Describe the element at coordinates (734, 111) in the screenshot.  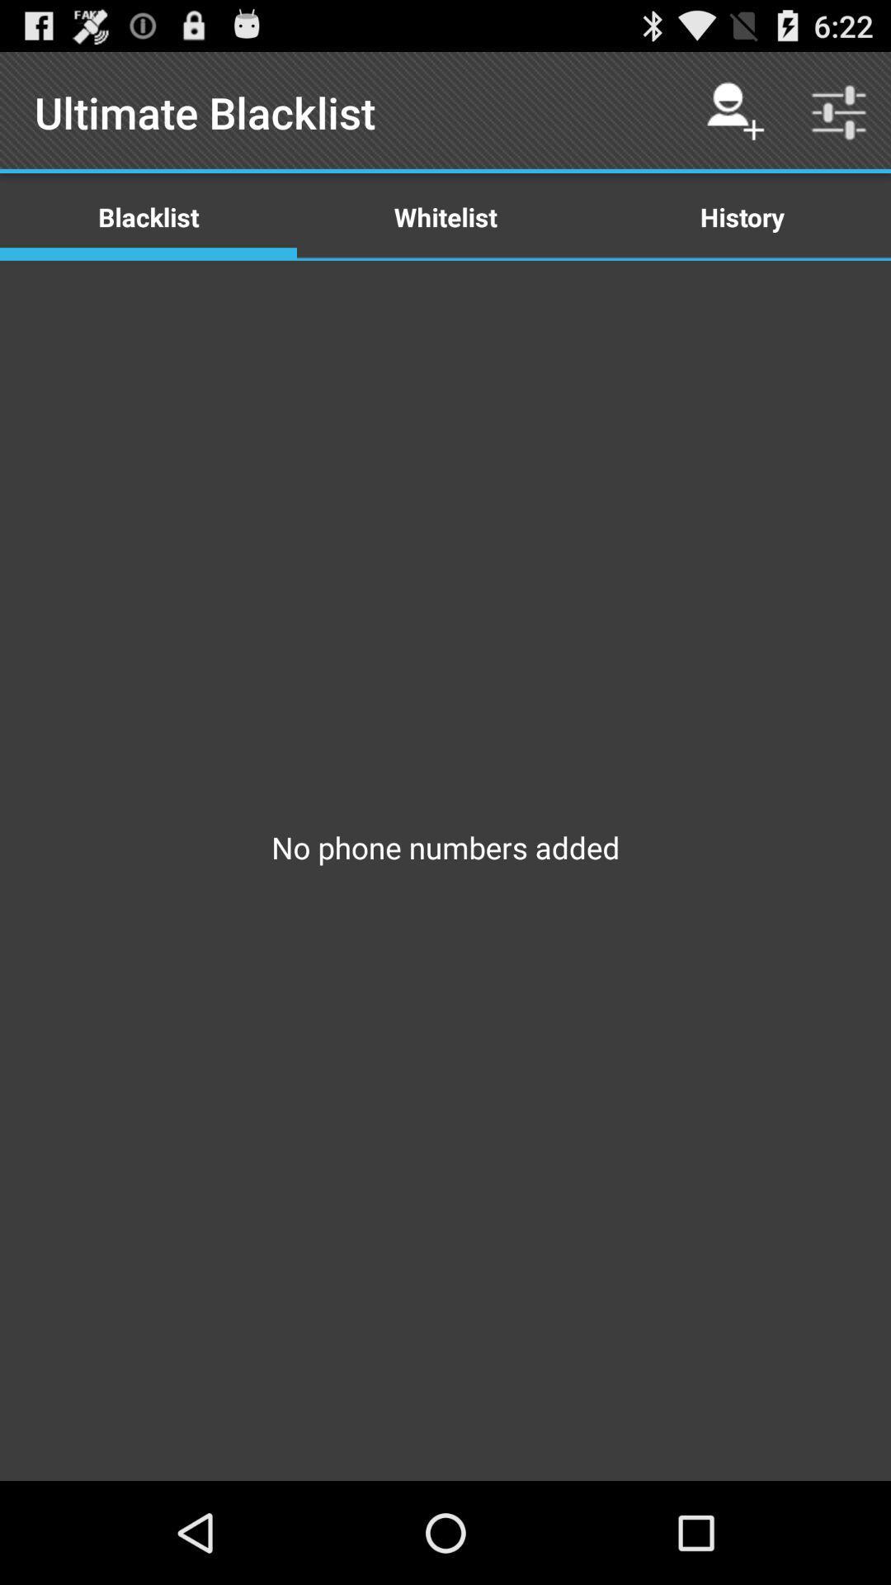
I see `the icon above history` at that location.